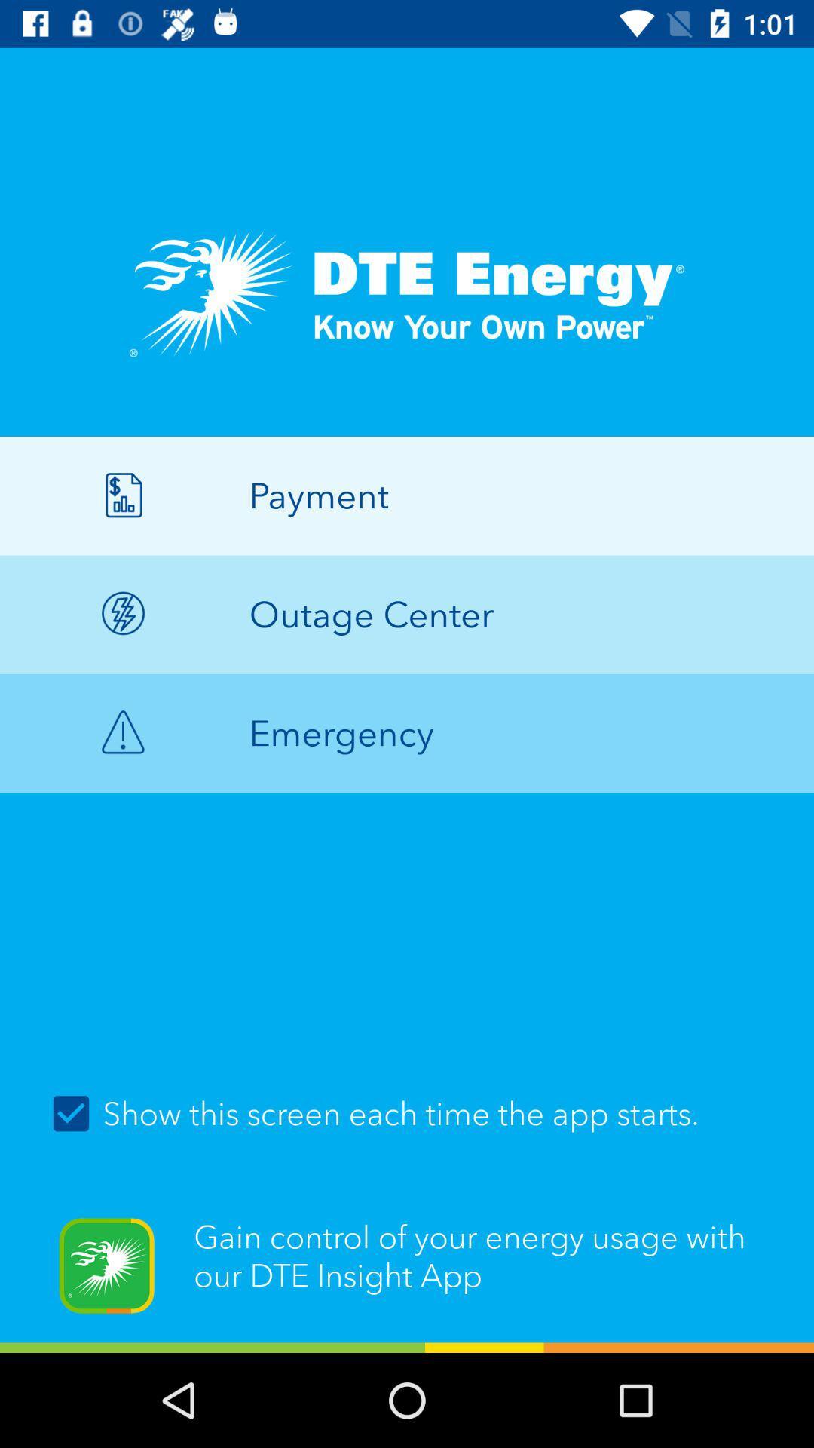  What do you see at coordinates (407, 1114) in the screenshot?
I see `item below emergency item` at bounding box center [407, 1114].